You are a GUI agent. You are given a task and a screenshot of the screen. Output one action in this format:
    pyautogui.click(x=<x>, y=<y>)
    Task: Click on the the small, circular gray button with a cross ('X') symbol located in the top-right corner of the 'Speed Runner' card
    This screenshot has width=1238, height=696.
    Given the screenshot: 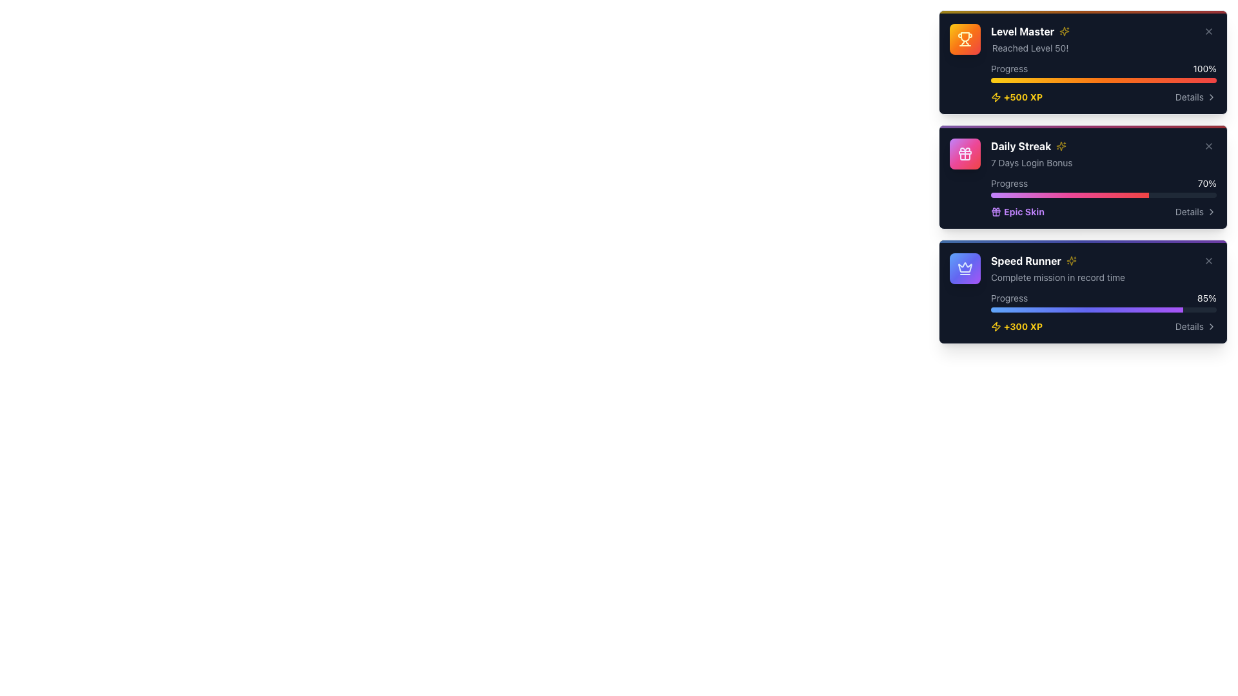 What is the action you would take?
    pyautogui.click(x=1208, y=261)
    